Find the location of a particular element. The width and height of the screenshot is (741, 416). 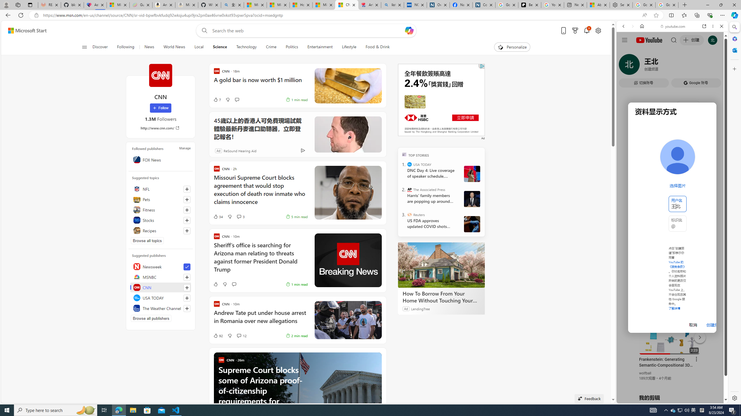

'View comments 3 Comment' is located at coordinates (240, 217).